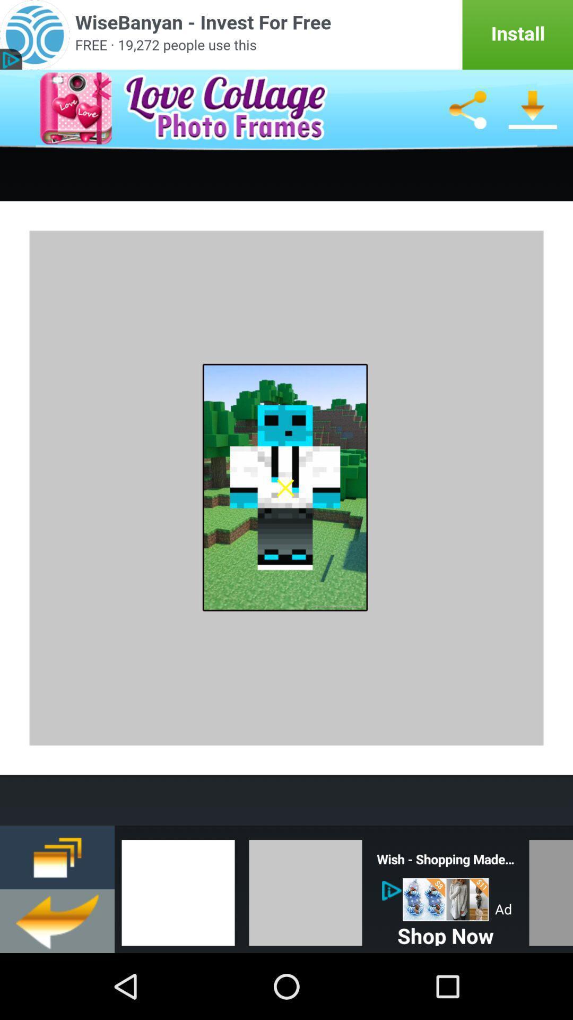 The height and width of the screenshot is (1020, 573). Describe the element at coordinates (286, 35) in the screenshot. I see `view advertisement` at that location.